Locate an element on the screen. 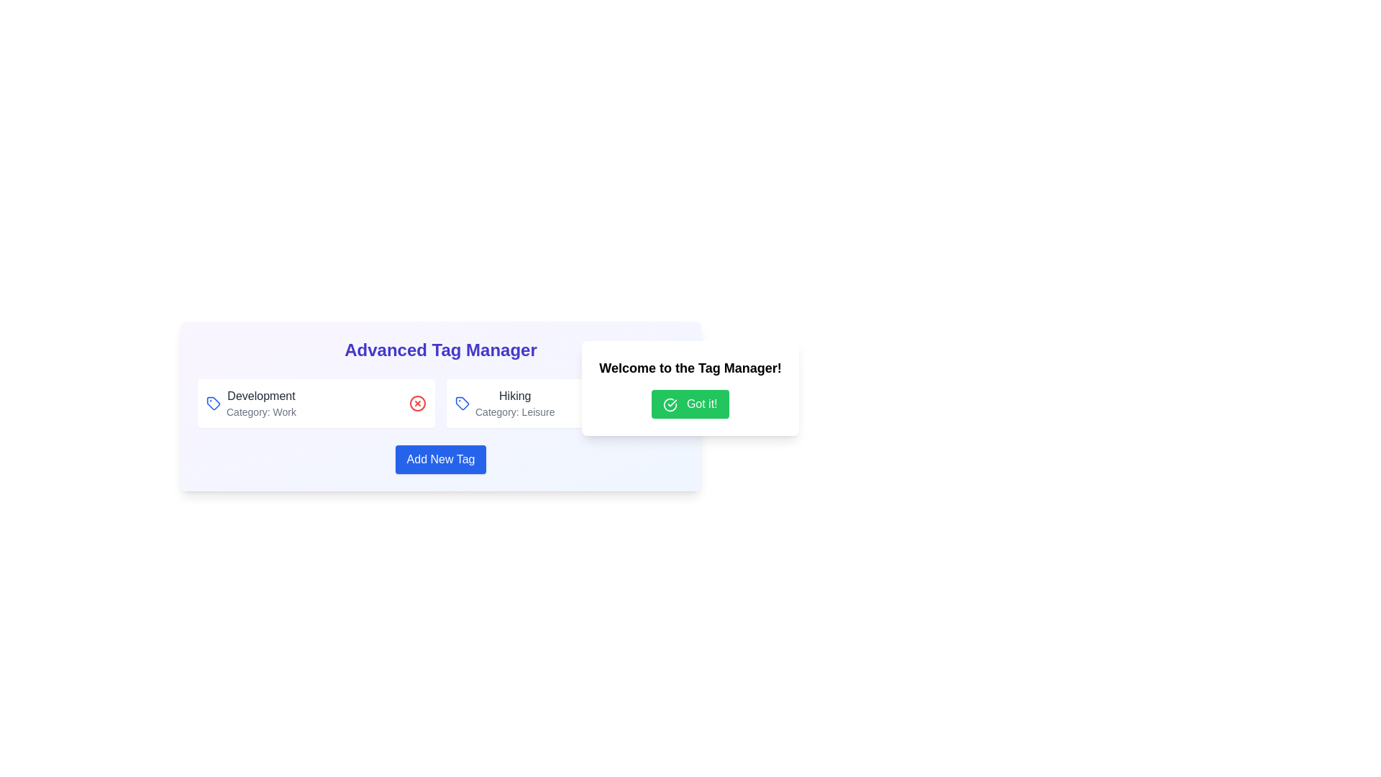 The image size is (1381, 777). the blue rectangular button labeled 'Add New Tag' that is centrally positioned below the highlighted tags is located at coordinates (440, 460).